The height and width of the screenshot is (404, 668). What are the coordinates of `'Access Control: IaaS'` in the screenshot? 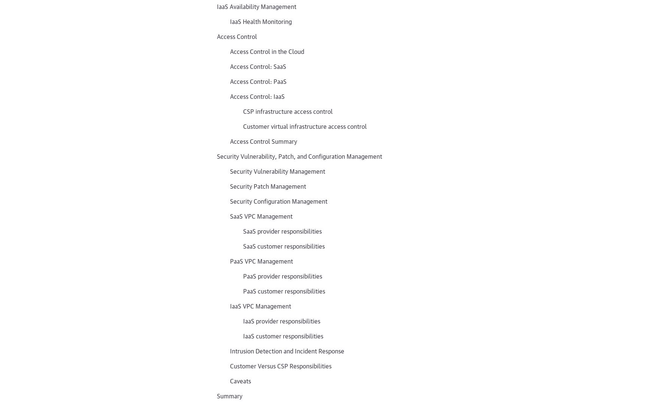 It's located at (257, 96).